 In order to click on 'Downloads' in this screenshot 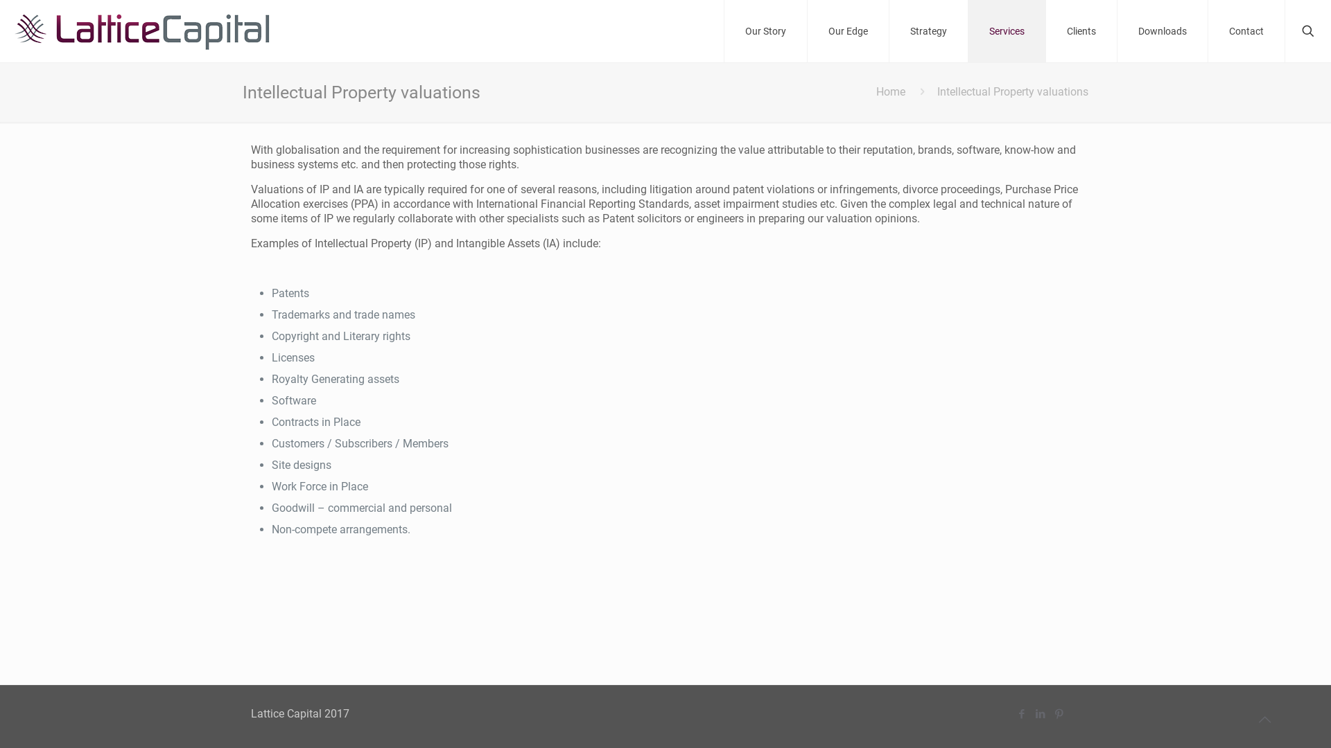, I will do `click(1163, 31)`.